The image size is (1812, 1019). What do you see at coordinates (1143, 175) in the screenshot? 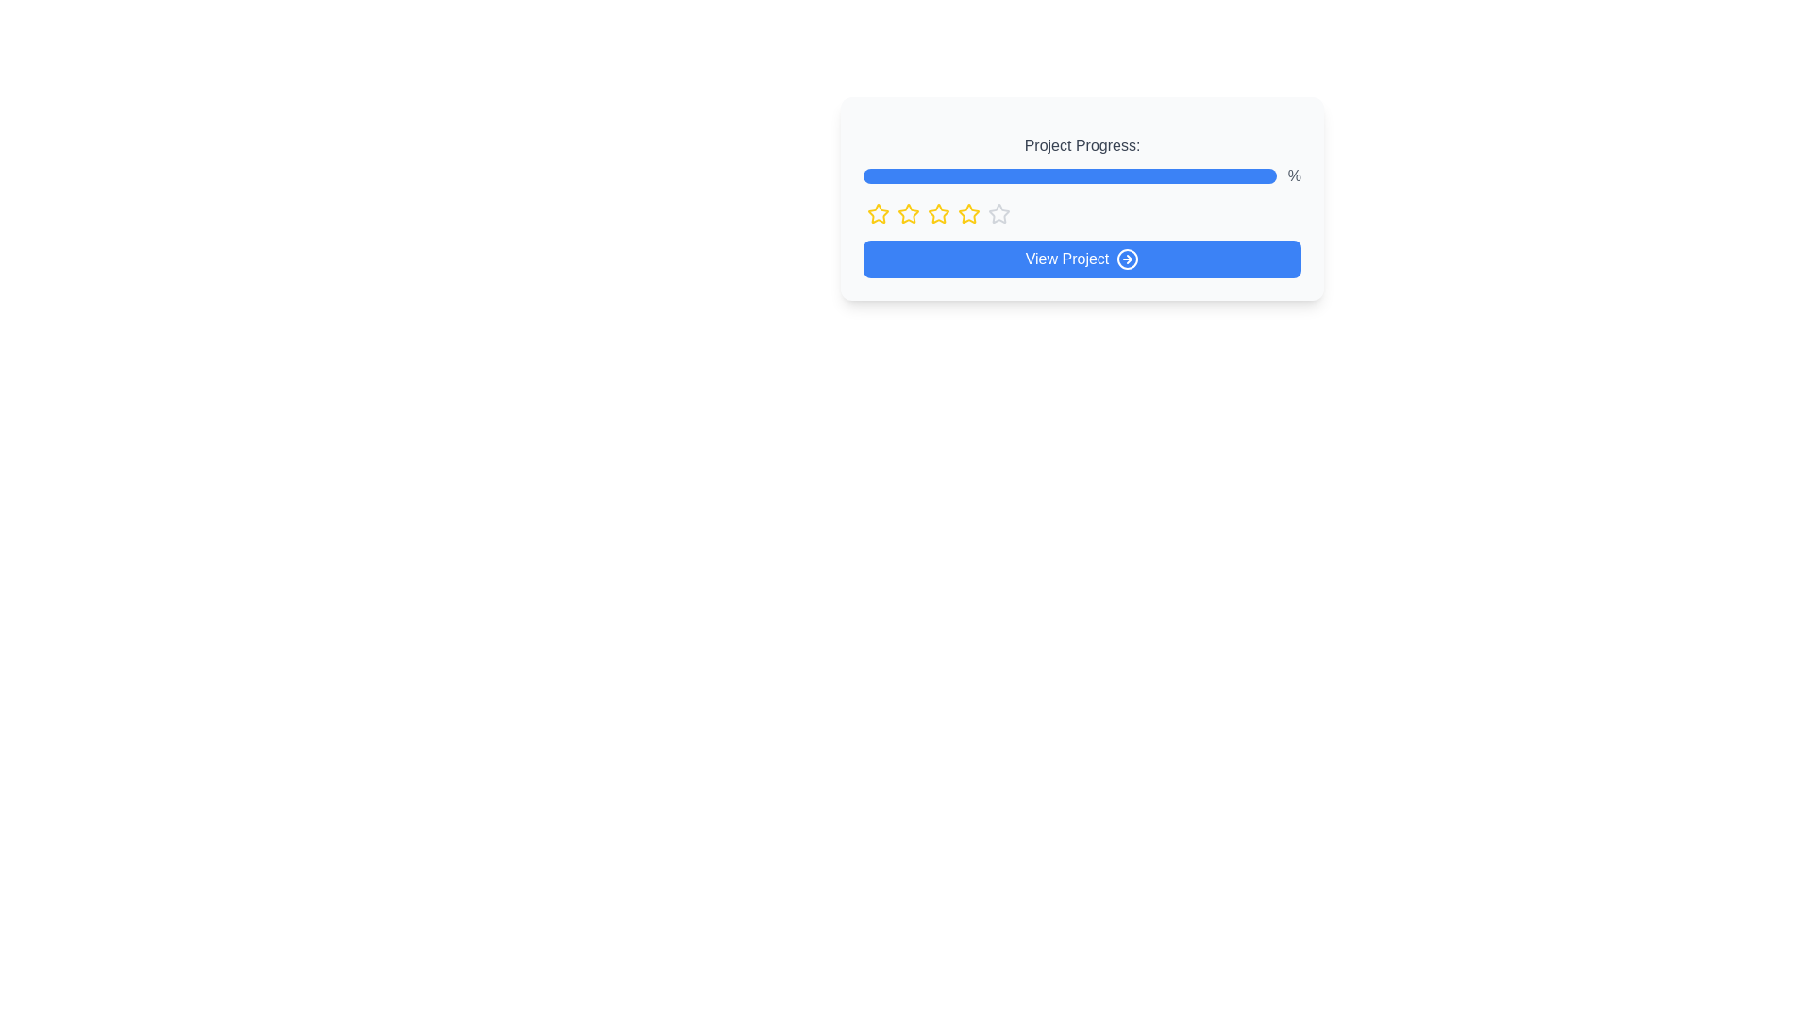
I see `progress` at bounding box center [1143, 175].